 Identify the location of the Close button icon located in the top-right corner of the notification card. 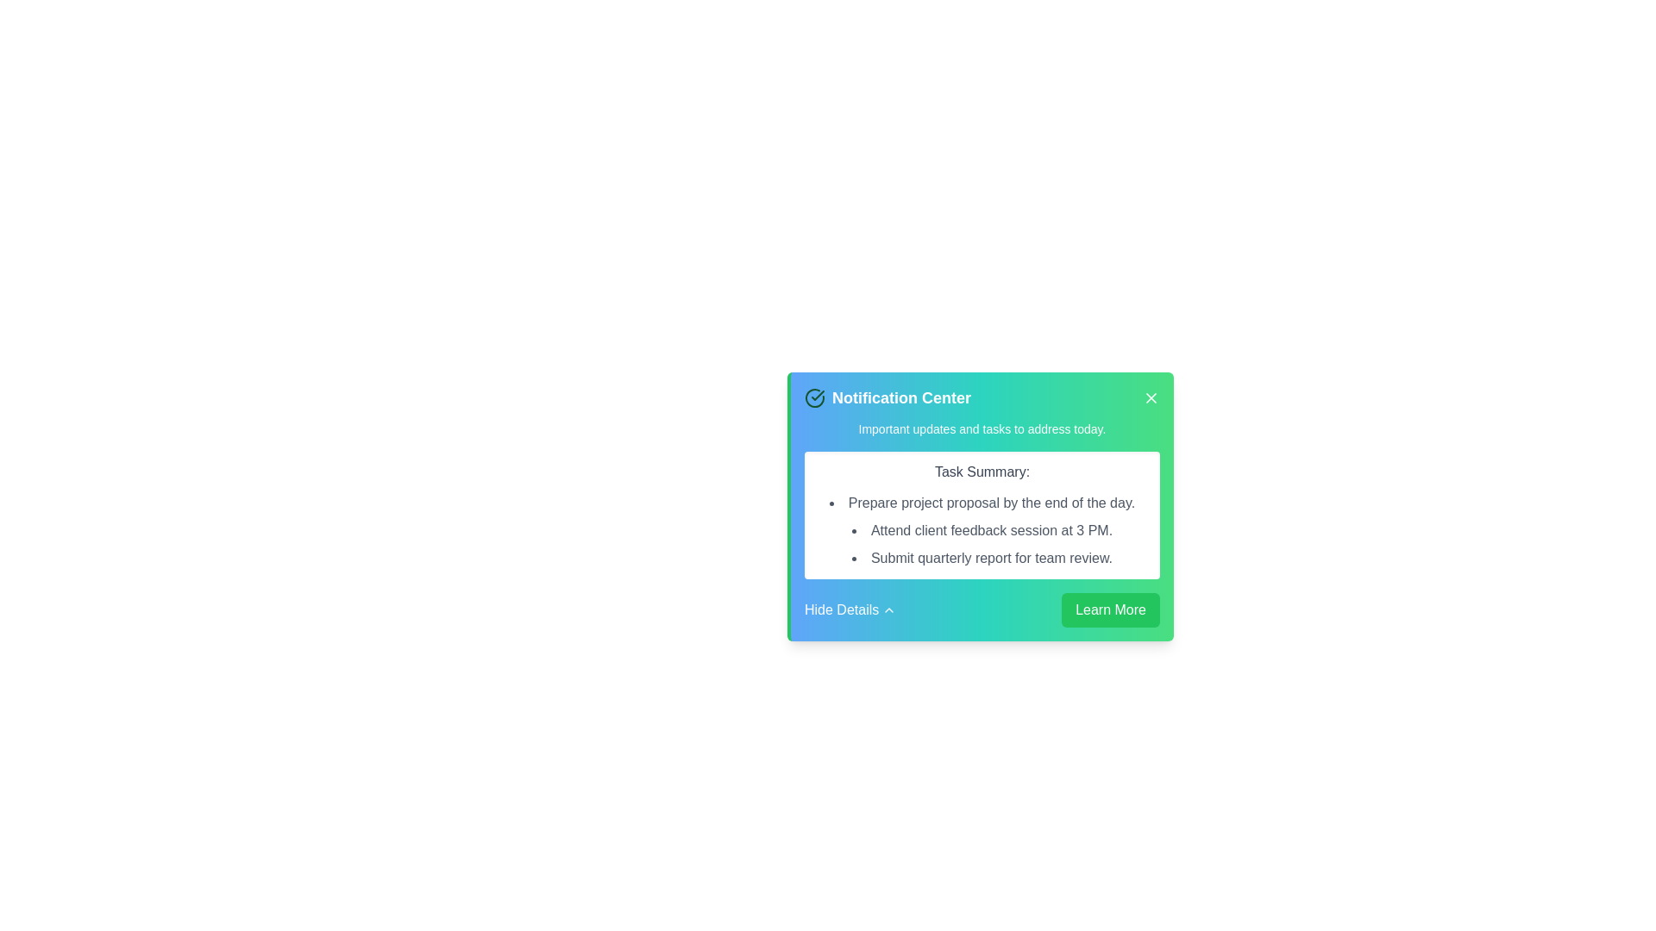
(1151, 398).